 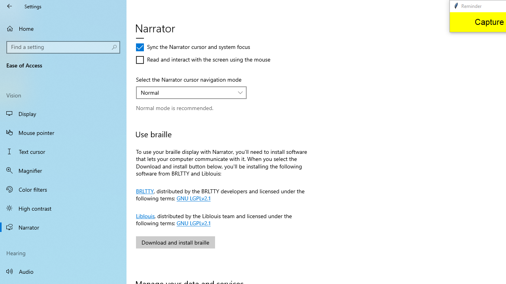 I want to click on 'Back', so click(x=9, y=6).